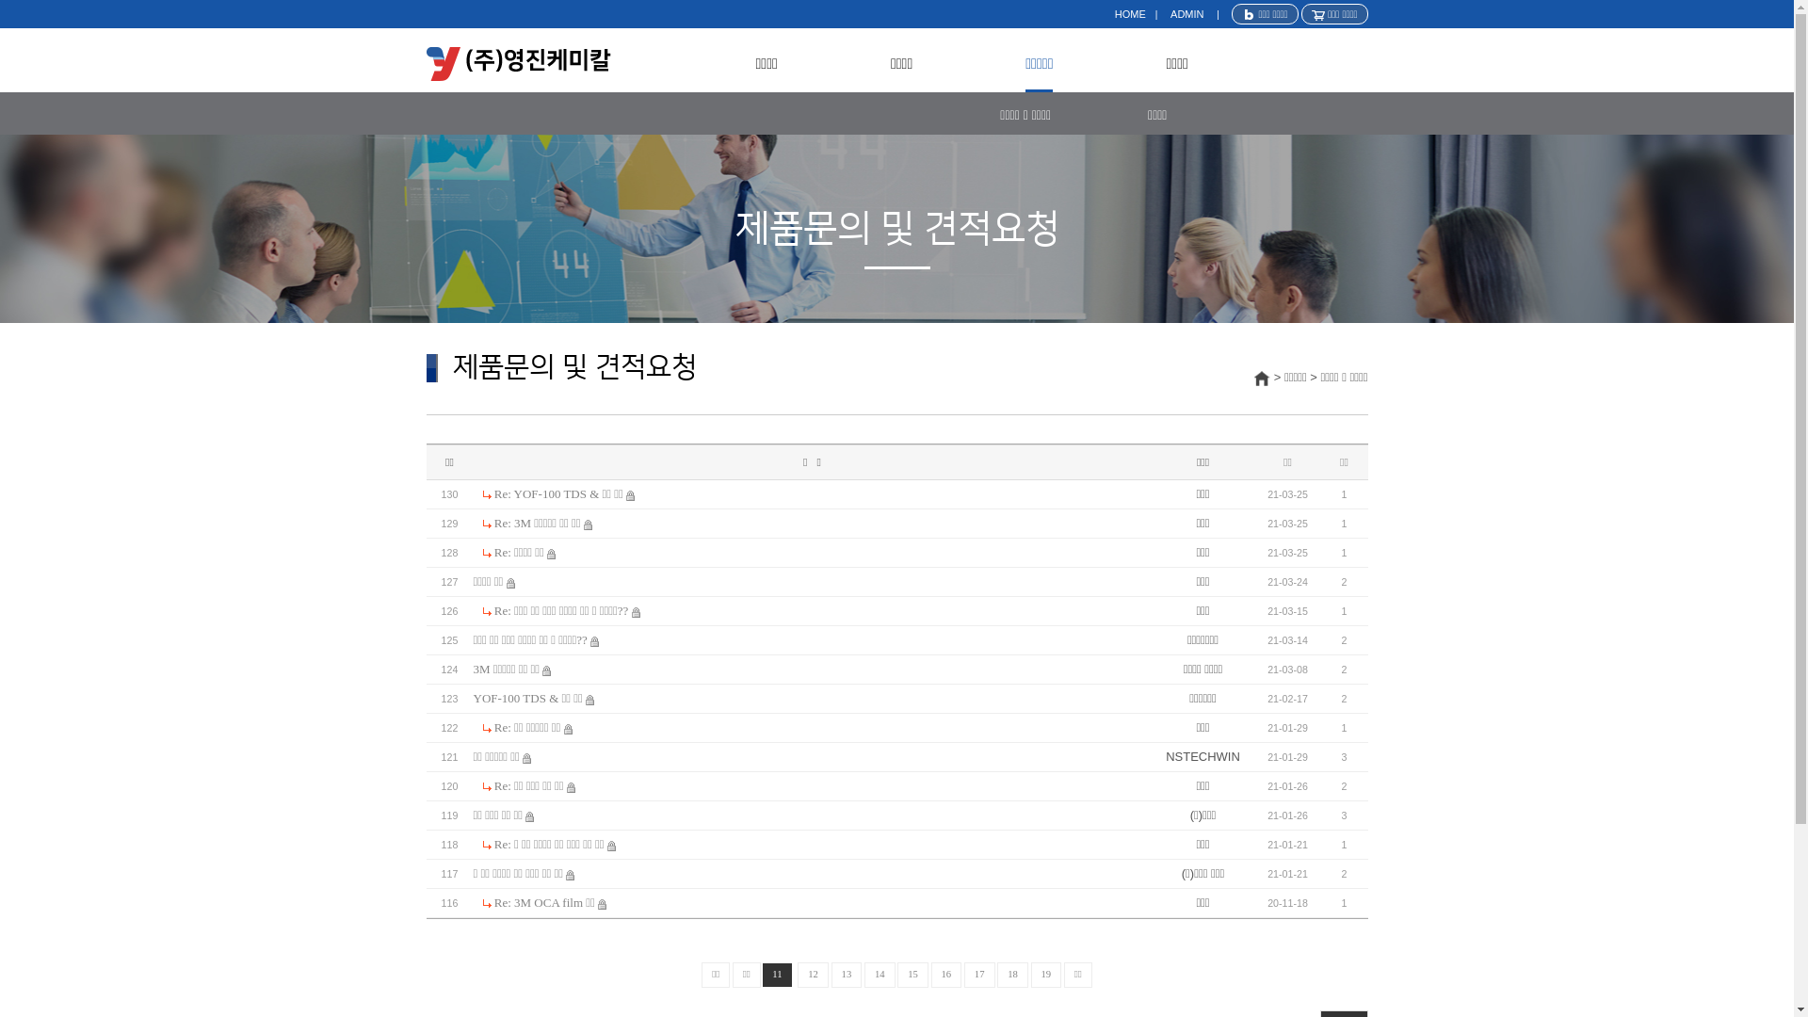 Image resolution: width=1808 pixels, height=1017 pixels. I want to click on 'ADMIN', so click(1186, 14).